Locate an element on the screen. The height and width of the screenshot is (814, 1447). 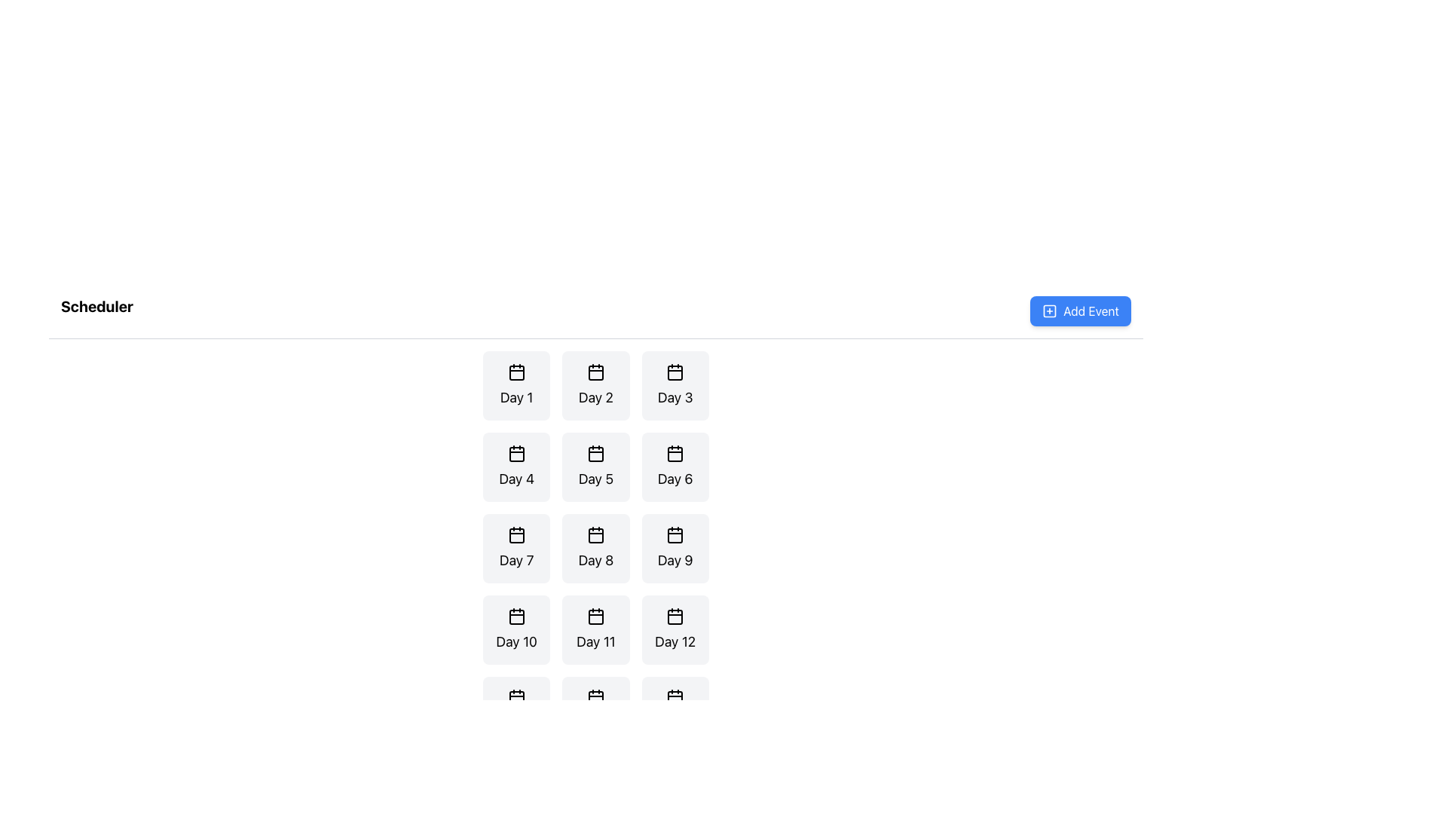
the decorative graphical element of the calendar icon indicating a special state for 'Day 3' in the scheduler is located at coordinates (675, 372).